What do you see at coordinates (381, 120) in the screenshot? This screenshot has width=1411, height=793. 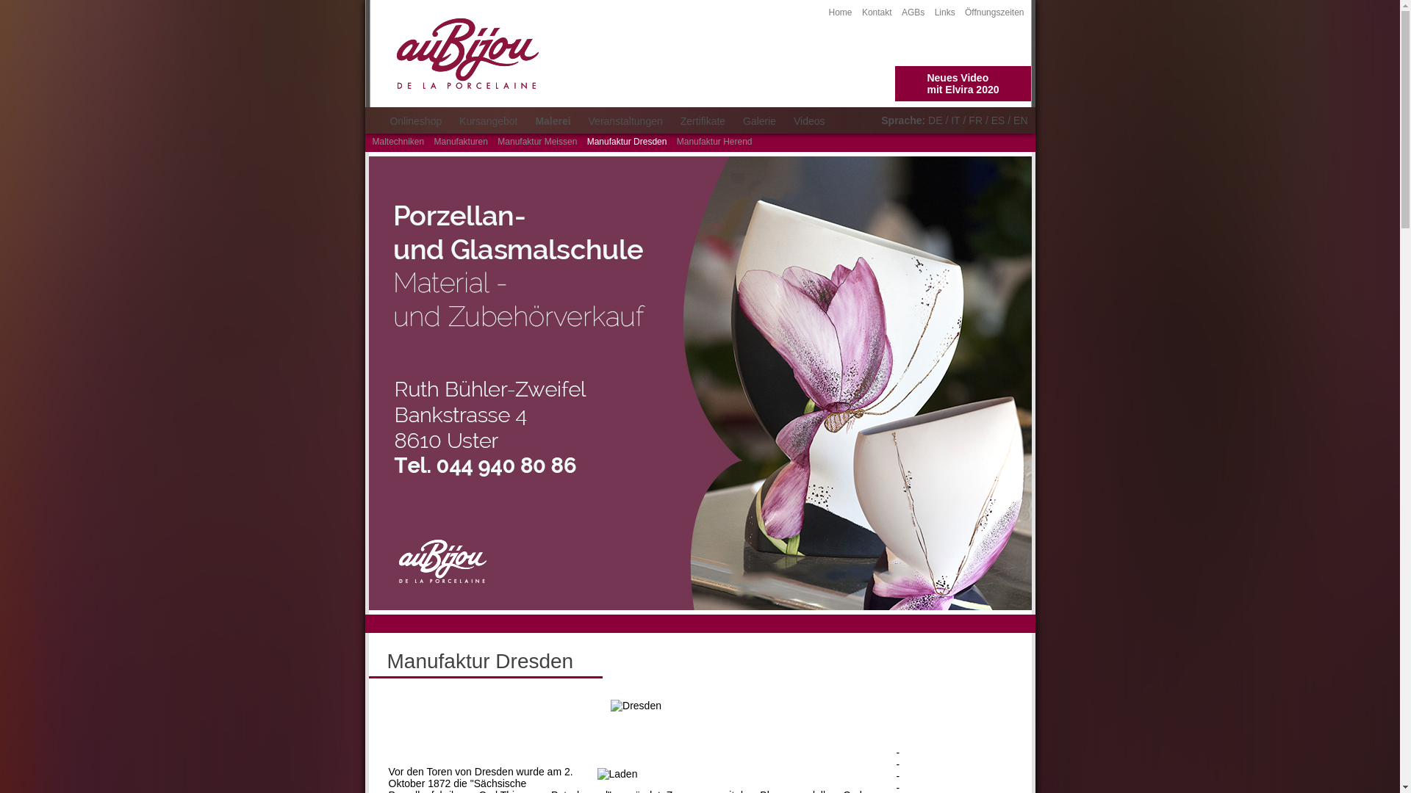 I see `'Onlineshop'` at bounding box center [381, 120].